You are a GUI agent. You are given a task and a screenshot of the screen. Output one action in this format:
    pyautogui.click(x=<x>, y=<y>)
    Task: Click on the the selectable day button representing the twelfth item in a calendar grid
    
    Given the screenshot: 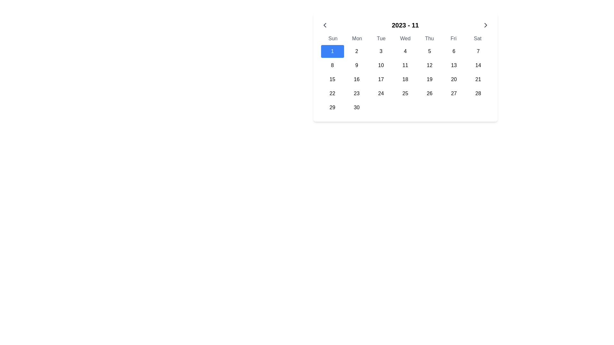 What is the action you would take?
    pyautogui.click(x=429, y=65)
    